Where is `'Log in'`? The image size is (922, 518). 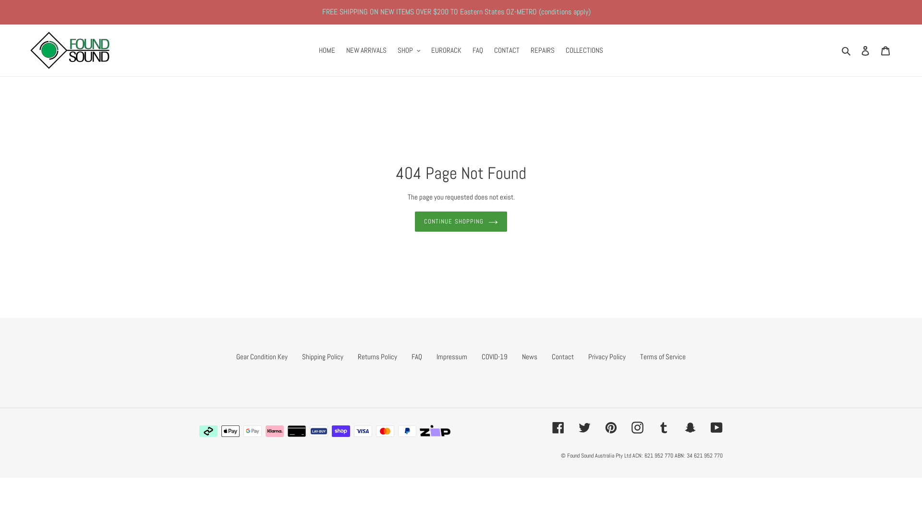
'Log in' is located at coordinates (865, 50).